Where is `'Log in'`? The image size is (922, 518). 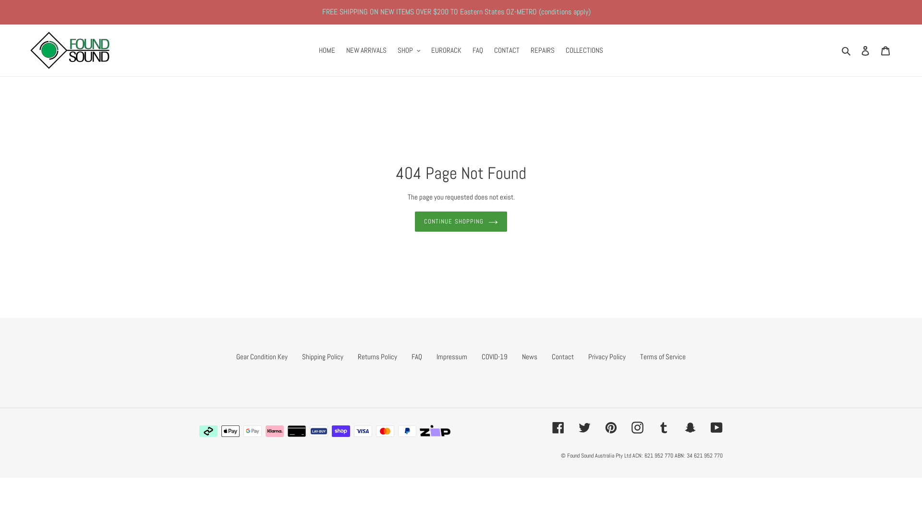
'Log in' is located at coordinates (865, 50).